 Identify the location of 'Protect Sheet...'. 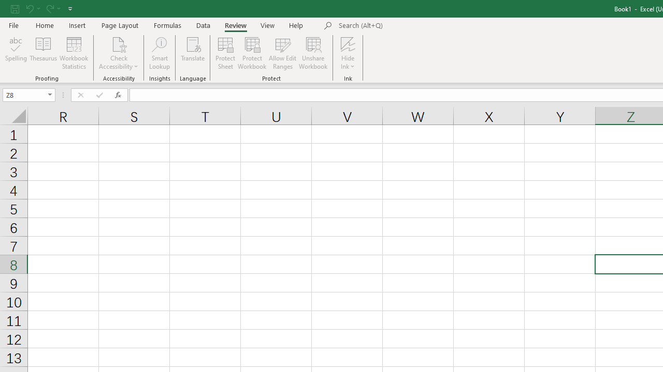
(225, 53).